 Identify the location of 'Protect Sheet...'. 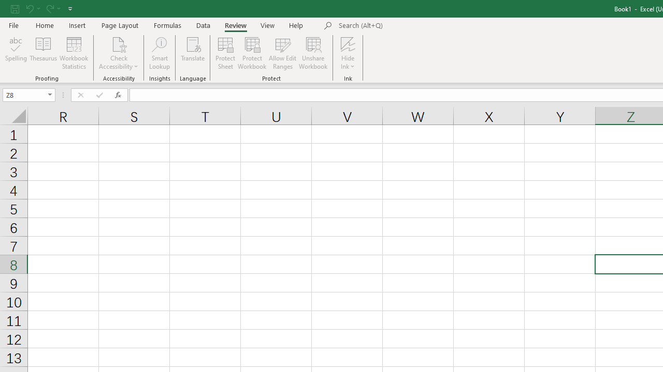
(225, 53).